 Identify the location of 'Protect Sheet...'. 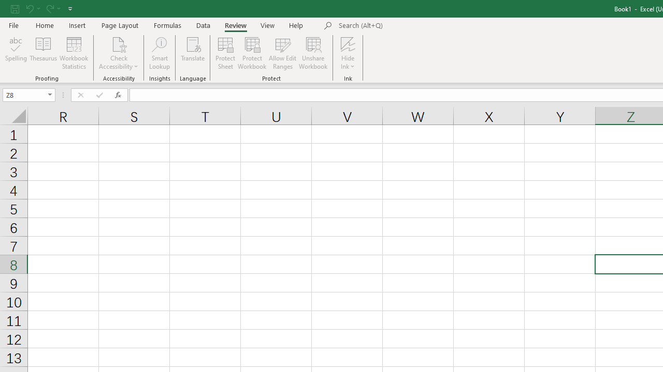
(225, 53).